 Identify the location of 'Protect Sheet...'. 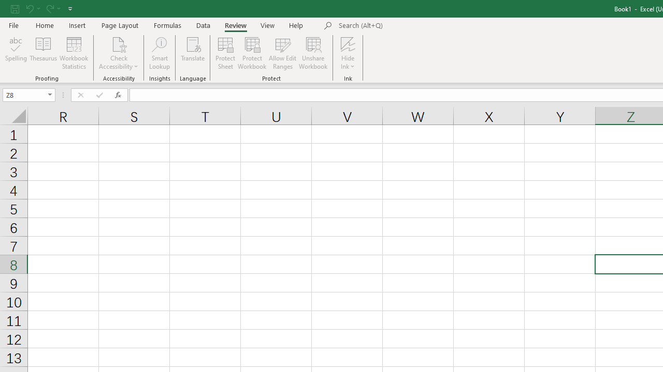
(225, 53).